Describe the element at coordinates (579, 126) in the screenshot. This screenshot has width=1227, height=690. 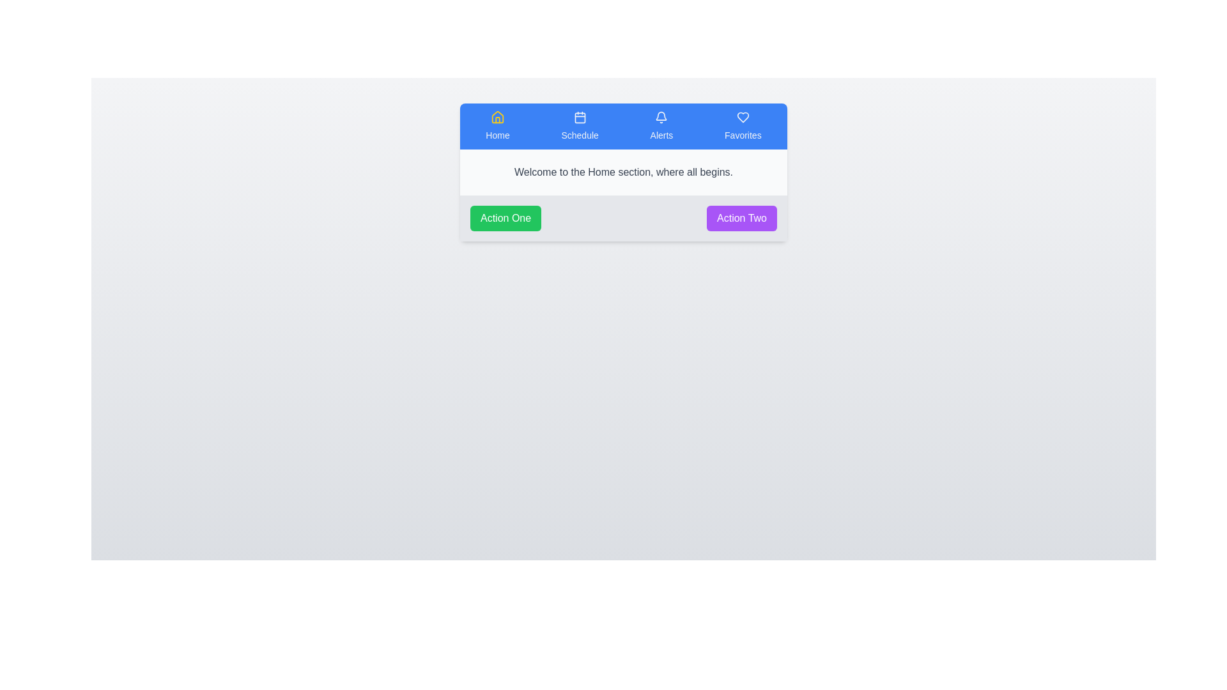
I see `the Schedule tab` at that location.